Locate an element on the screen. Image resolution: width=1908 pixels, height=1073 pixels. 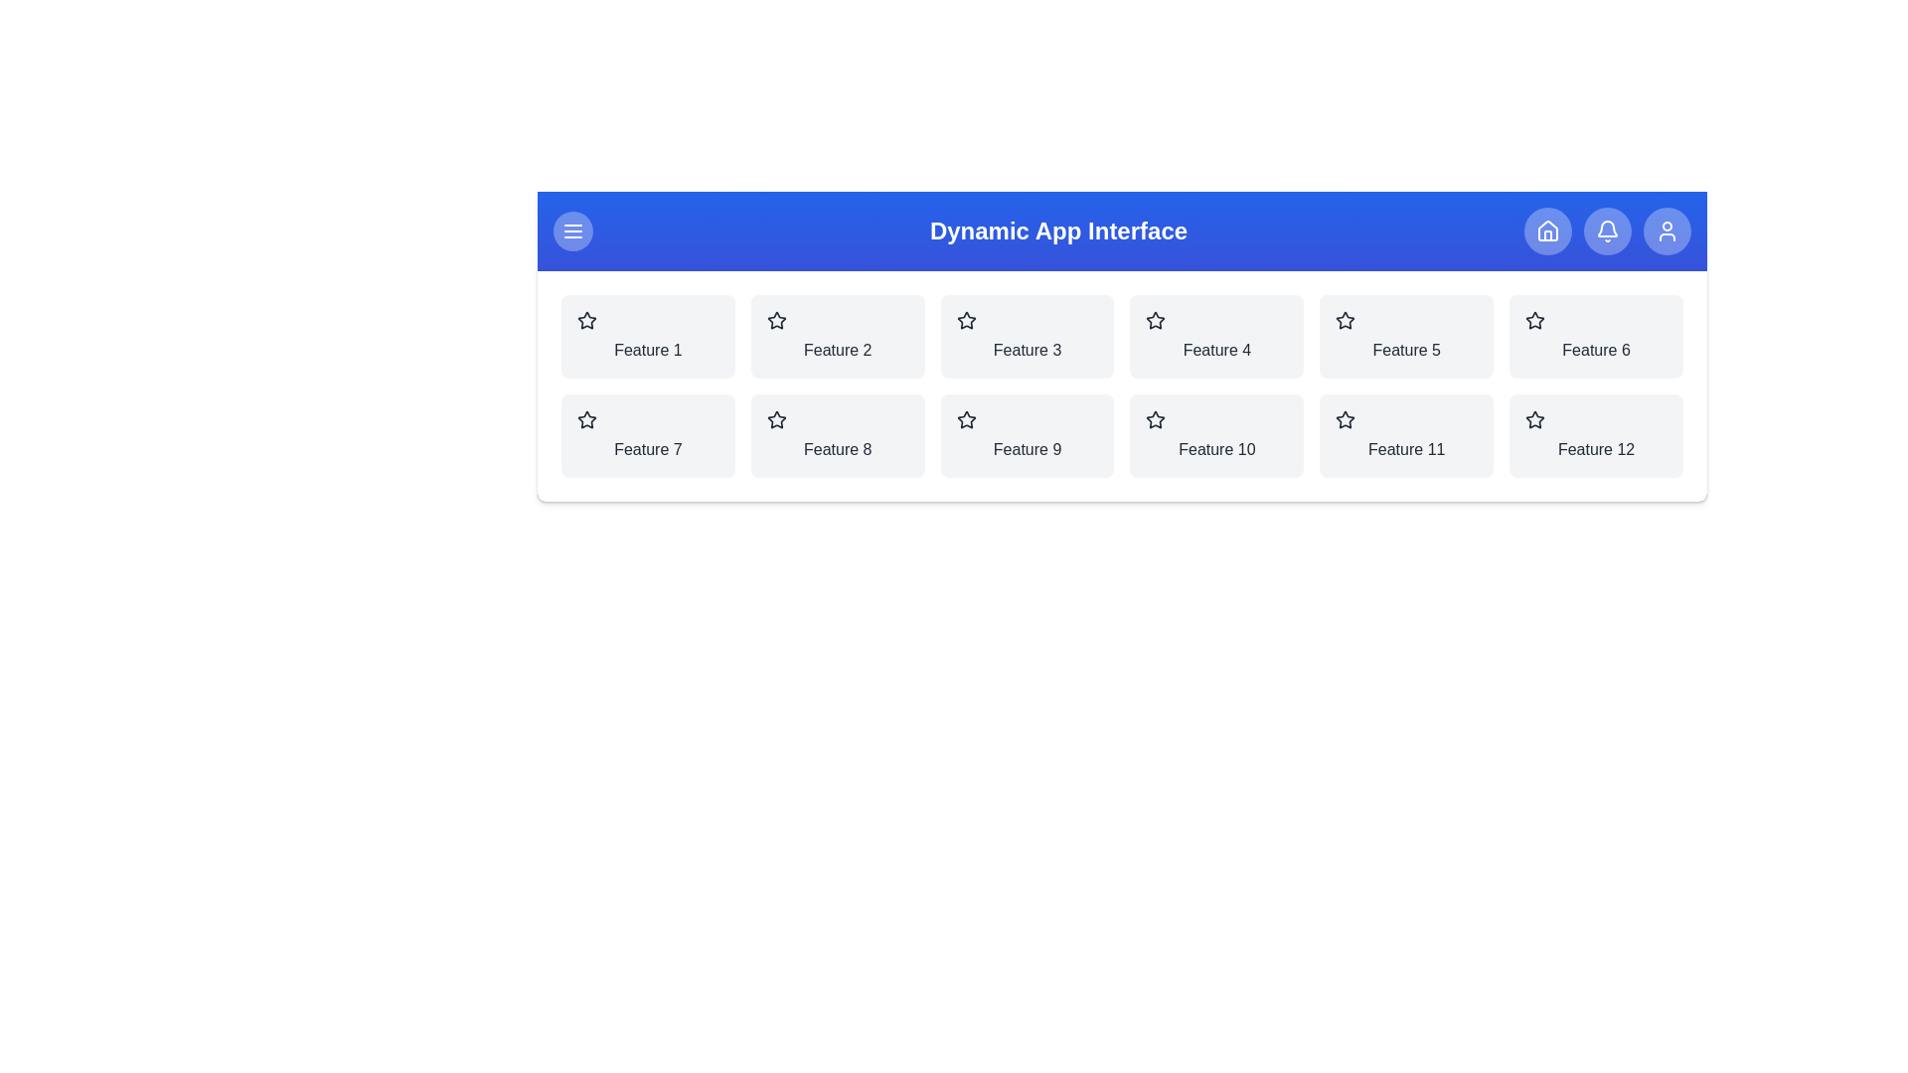
menu button to toggle the menu visibility is located at coordinates (571, 230).